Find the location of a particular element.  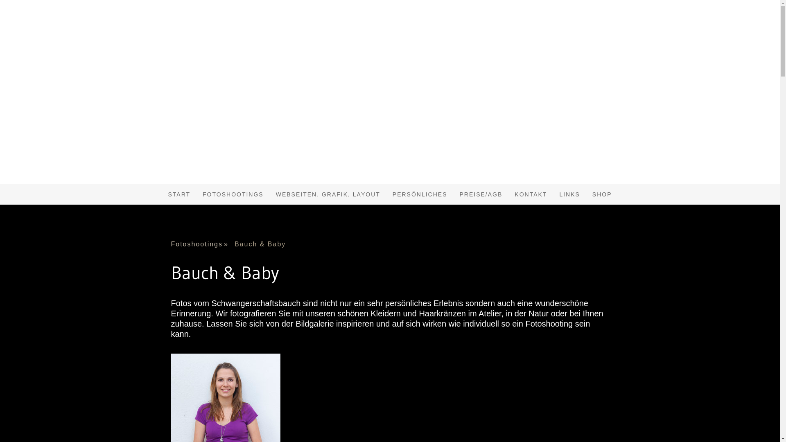

'PREISE/AGB' is located at coordinates (481, 194).